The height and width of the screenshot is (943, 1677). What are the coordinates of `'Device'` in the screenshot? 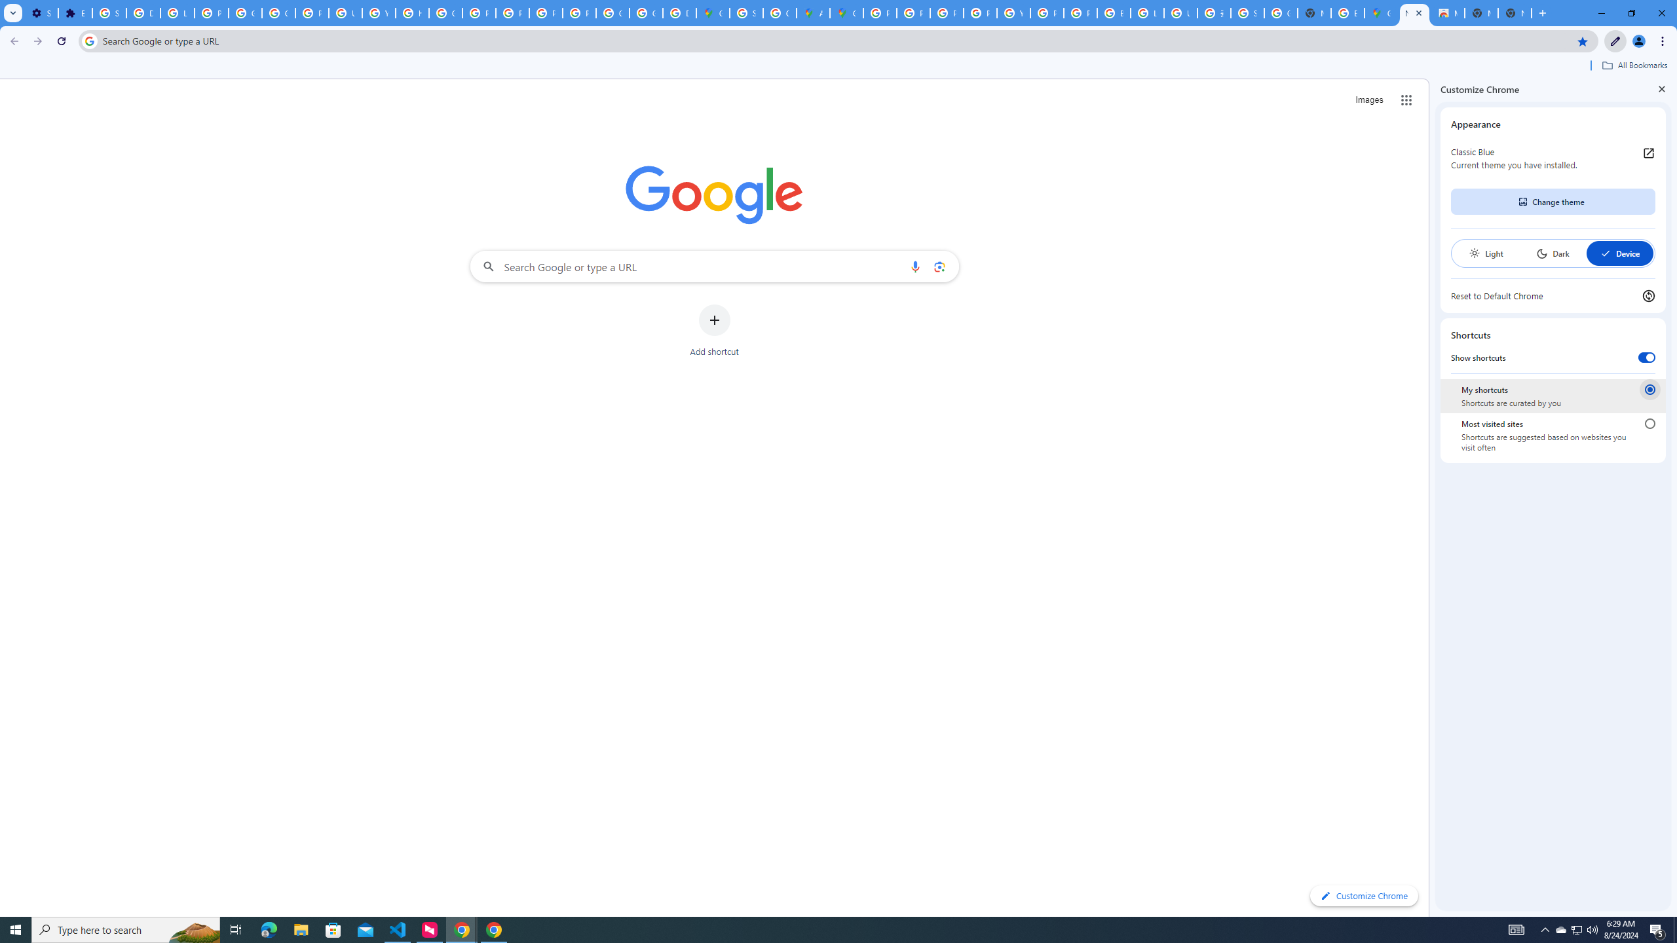 It's located at (1619, 253).